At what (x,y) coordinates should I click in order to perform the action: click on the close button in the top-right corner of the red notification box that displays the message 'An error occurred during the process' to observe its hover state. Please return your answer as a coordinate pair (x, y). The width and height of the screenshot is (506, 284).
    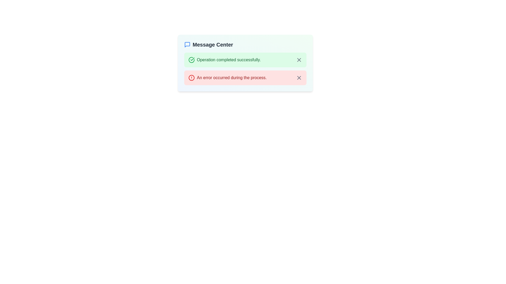
    Looking at the image, I should click on (299, 78).